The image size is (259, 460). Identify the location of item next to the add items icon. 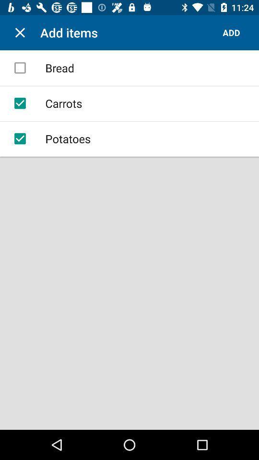
(20, 33).